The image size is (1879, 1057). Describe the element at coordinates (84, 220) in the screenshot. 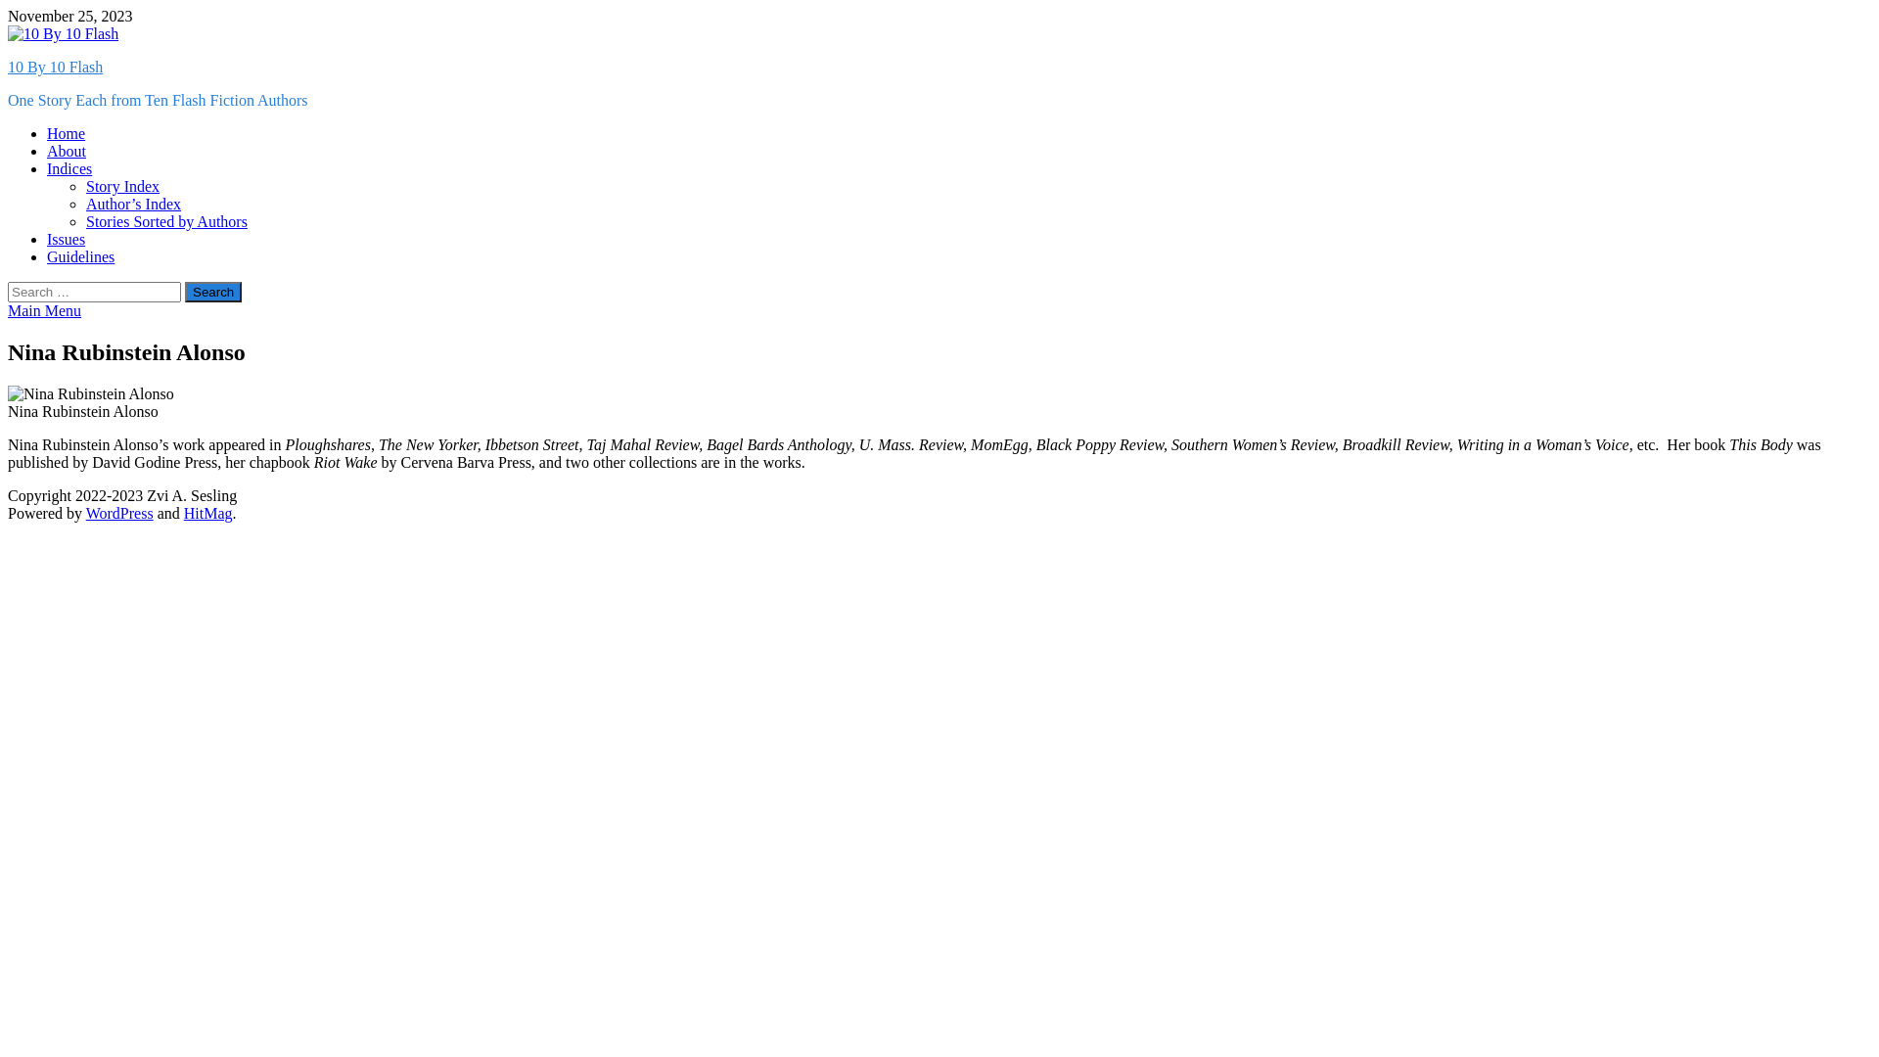

I see `'Stories Sorted by Authors'` at that location.